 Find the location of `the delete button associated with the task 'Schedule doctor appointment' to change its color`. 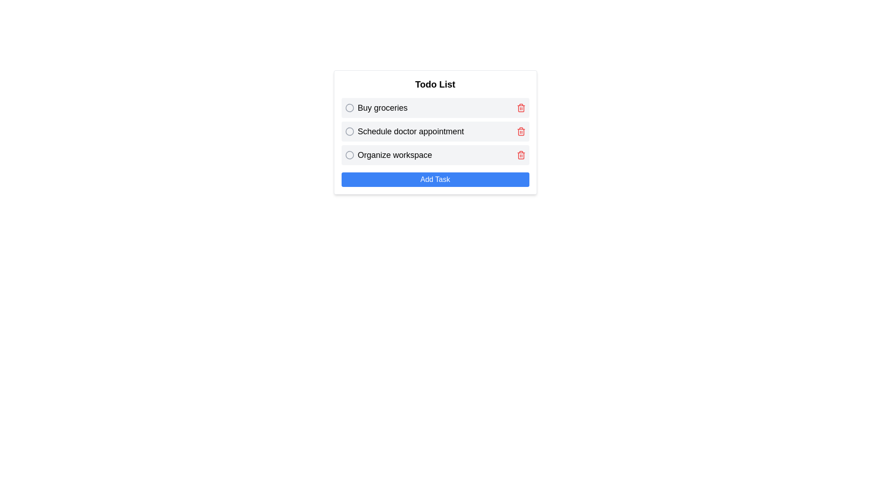

the delete button associated with the task 'Schedule doctor appointment' to change its color is located at coordinates (521, 131).